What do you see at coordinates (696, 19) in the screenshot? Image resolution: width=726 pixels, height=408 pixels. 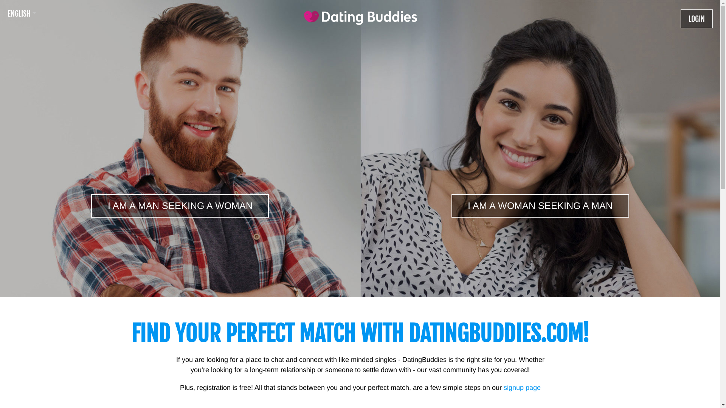 I see `'LOGIN'` at bounding box center [696, 19].